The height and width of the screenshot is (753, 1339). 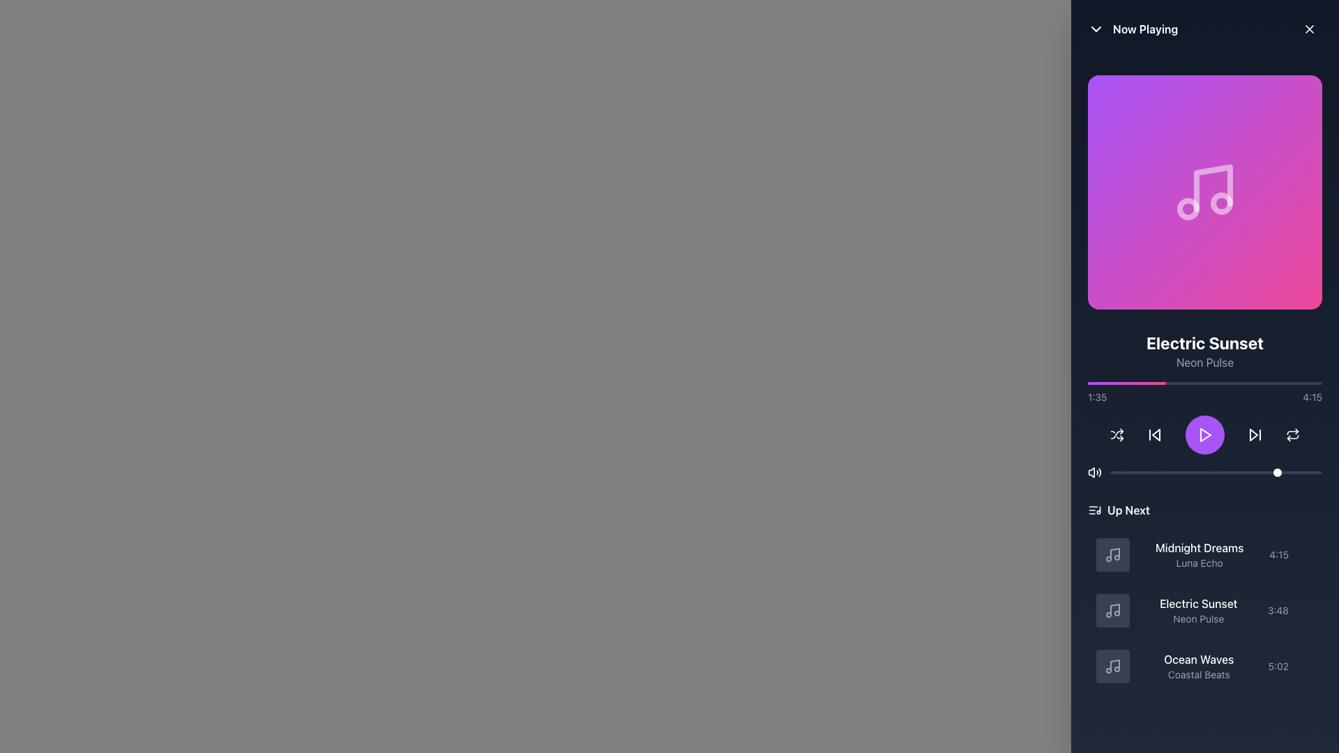 What do you see at coordinates (1198, 666) in the screenshot?
I see `the non-interactive label text 'Ocean Waves' which is the third item in the 'Up Next' section on the right side of the interface` at bounding box center [1198, 666].